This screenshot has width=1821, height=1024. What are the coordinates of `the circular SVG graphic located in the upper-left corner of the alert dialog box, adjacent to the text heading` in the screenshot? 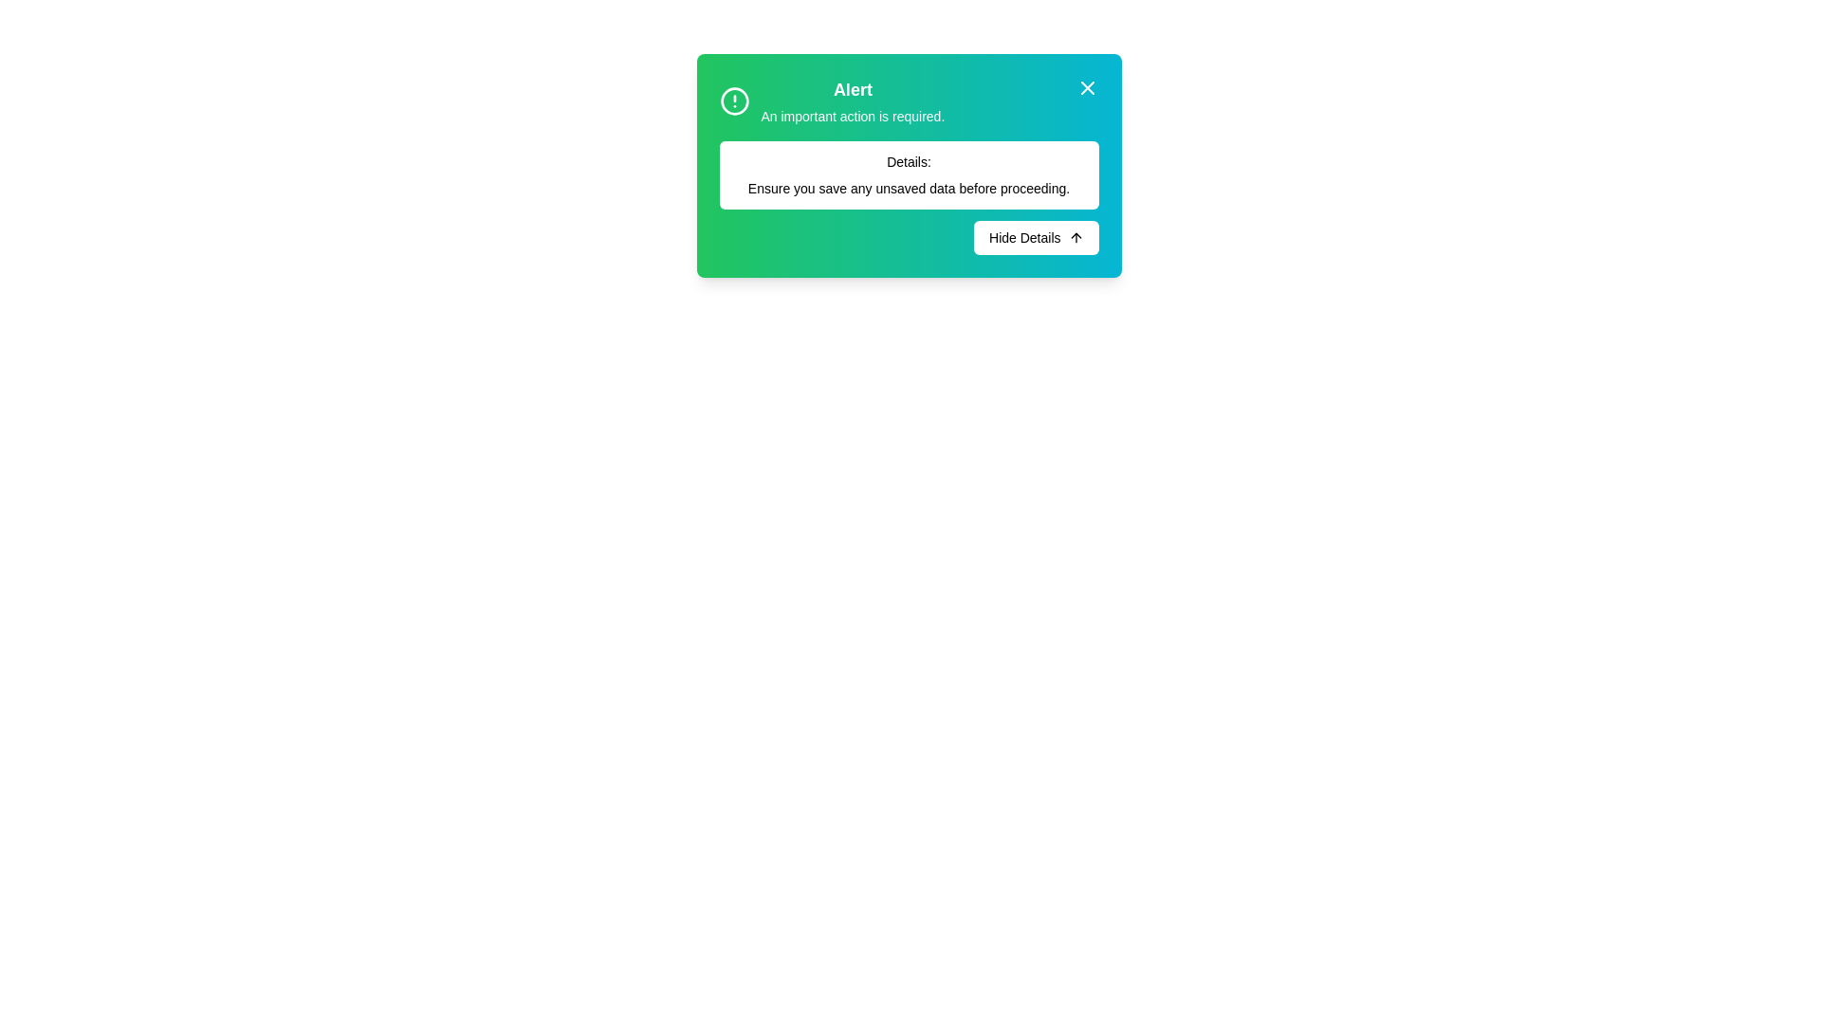 It's located at (733, 101).